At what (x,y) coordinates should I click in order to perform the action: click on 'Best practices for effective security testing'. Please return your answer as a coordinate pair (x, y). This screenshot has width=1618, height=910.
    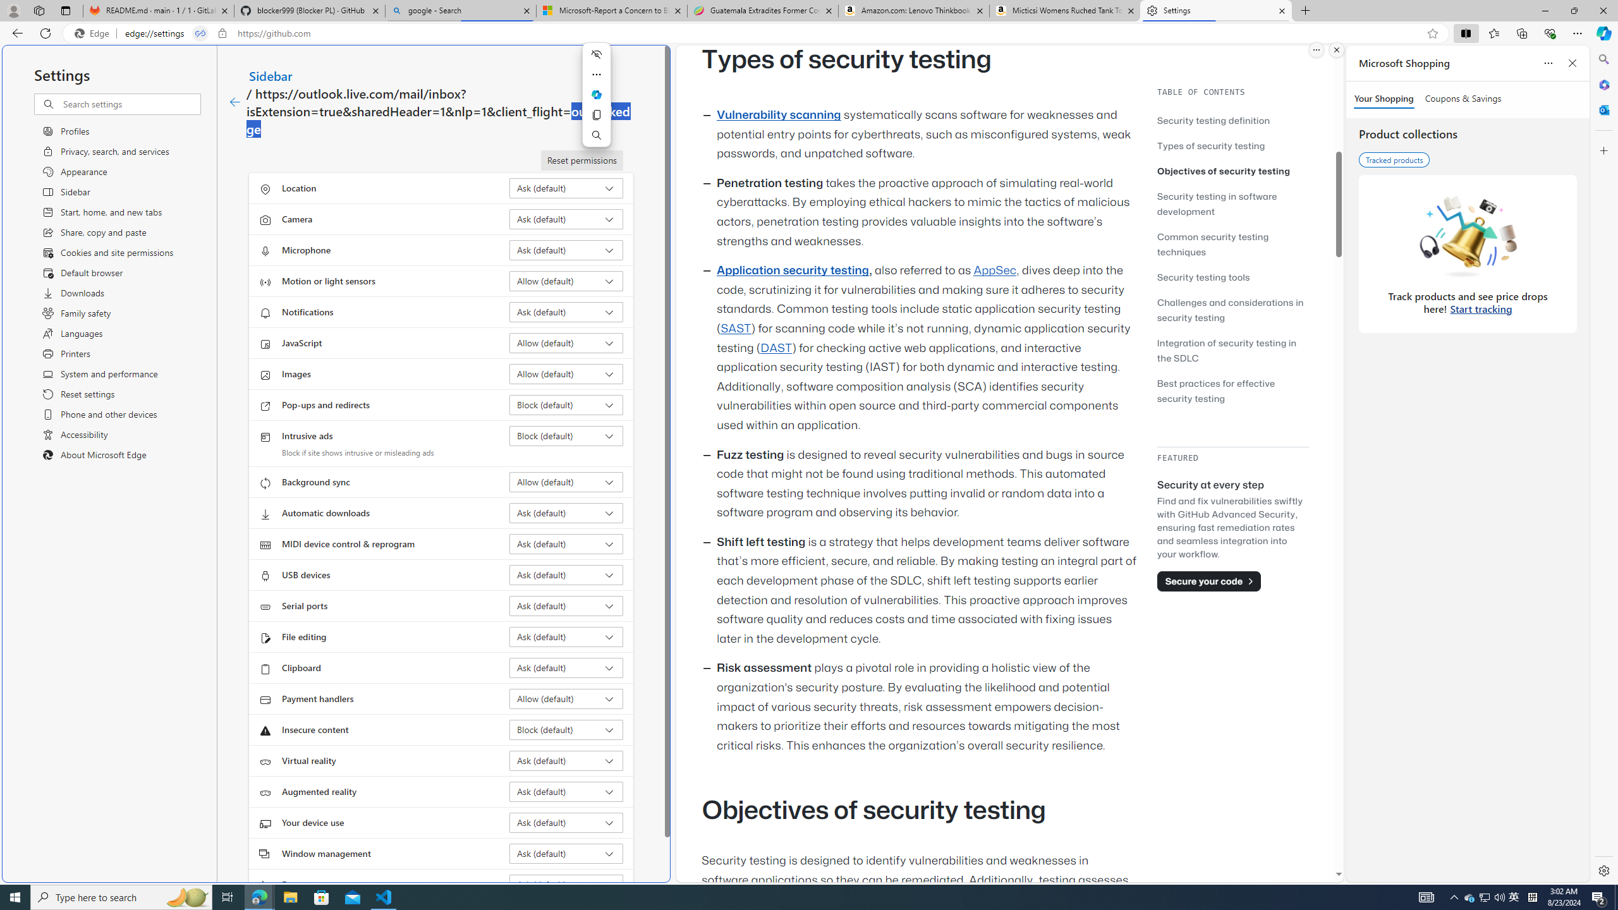
    Looking at the image, I should click on (1215, 390).